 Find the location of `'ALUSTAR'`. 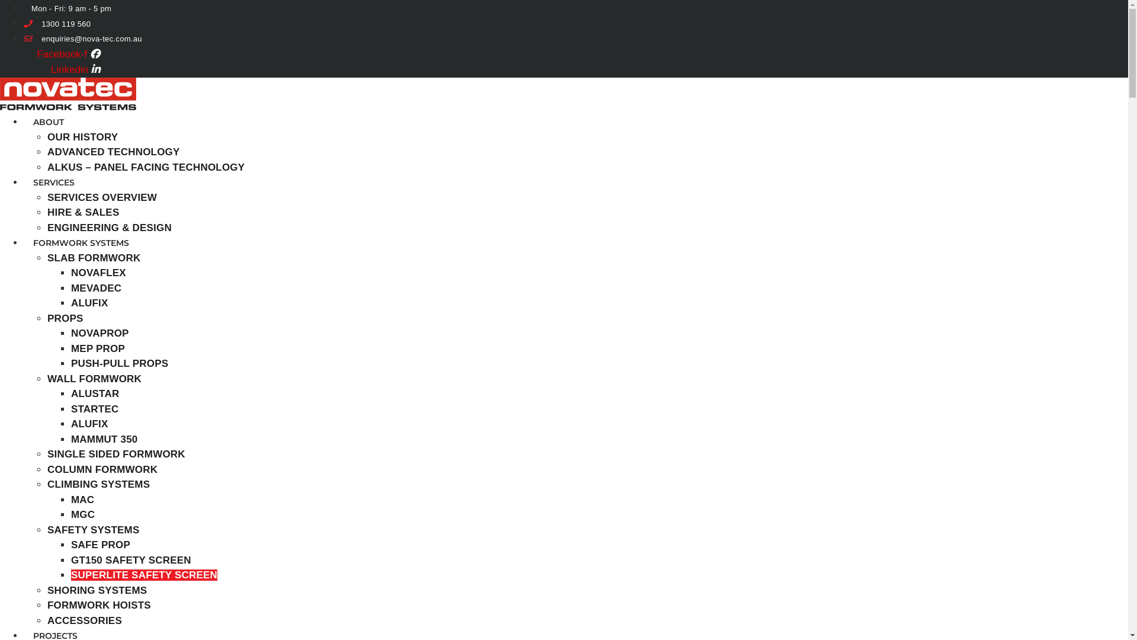

'ALUSTAR' is located at coordinates (70, 393).